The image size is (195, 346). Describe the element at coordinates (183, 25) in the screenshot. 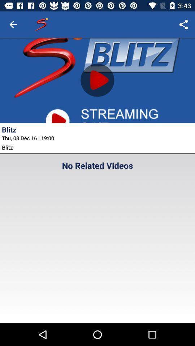

I see `the icon at the top right corner` at that location.